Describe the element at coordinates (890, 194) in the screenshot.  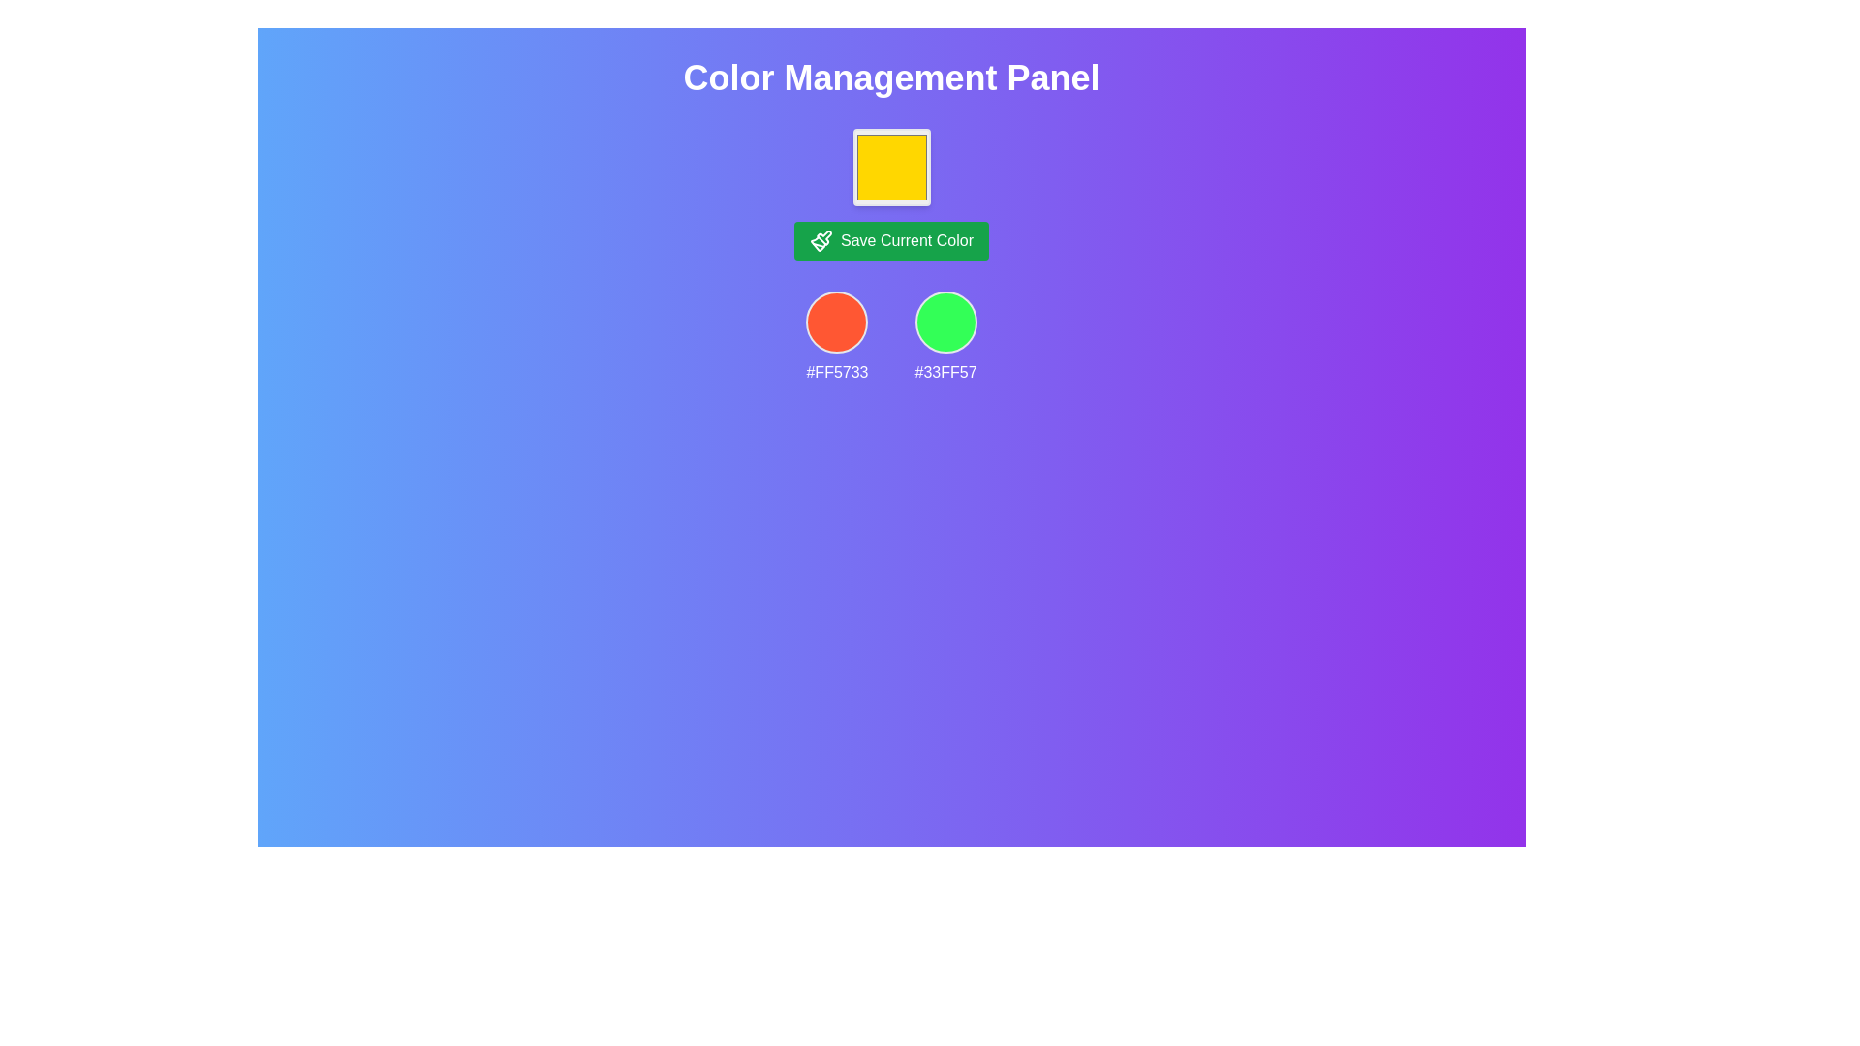
I see `the Static Display Box, which is a rectangular, yellow-filled box with a white border, located centrally above the 'Save Current Color' button in the Color Management Panel` at that location.